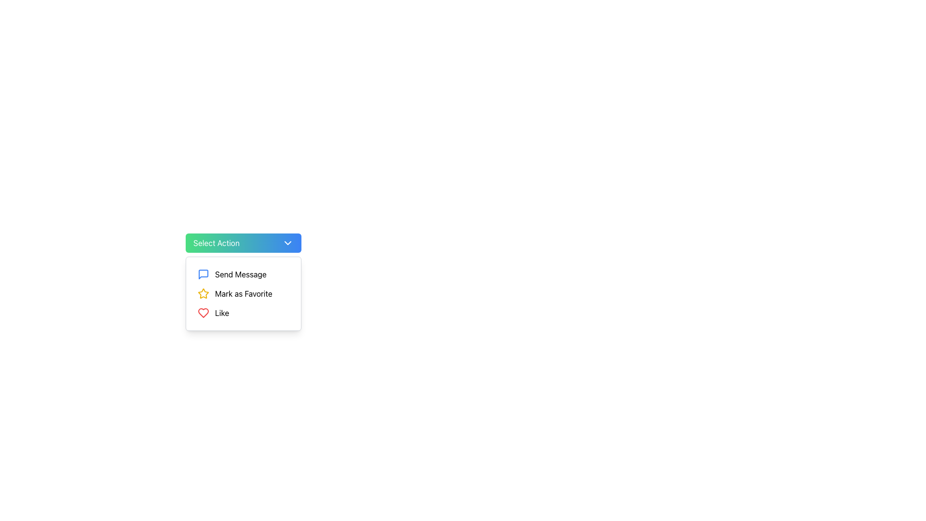 This screenshot has width=926, height=521. I want to click on the yellow hollow star icon in the 'Select Action' dropdown menu to mark it as a favorite, so click(203, 293).